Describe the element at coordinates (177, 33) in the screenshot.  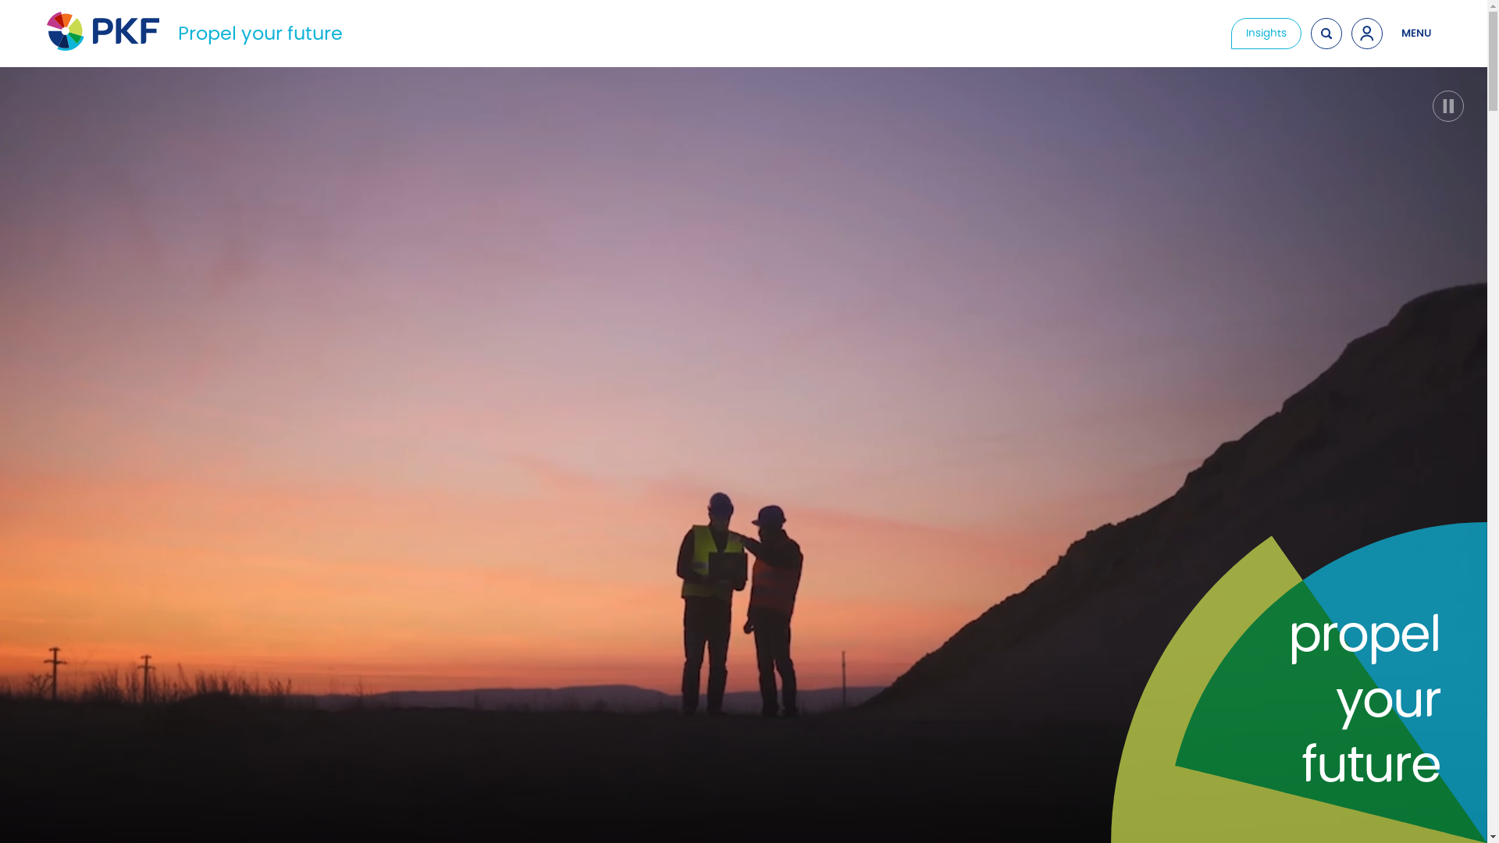
I see `'Propel your future'` at that location.